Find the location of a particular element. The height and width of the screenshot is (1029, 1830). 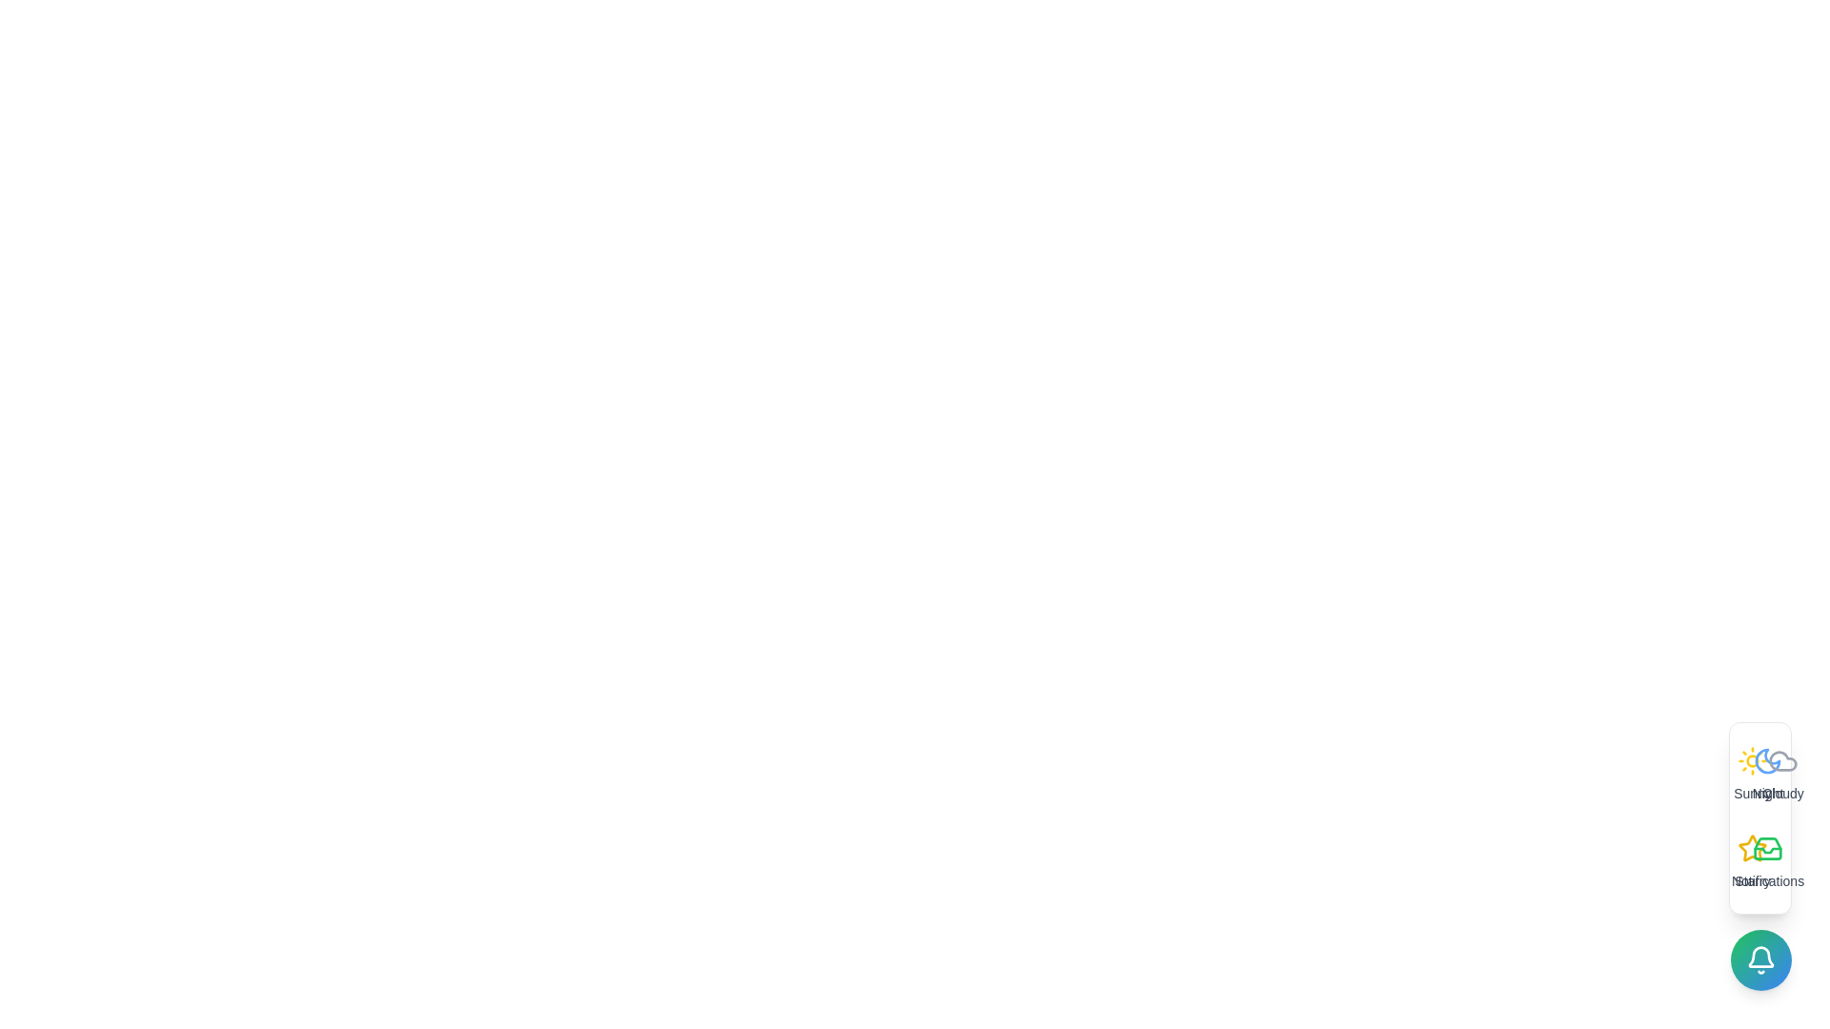

the option labeled Notifications by clicking its icon and label is located at coordinates (1766, 862).